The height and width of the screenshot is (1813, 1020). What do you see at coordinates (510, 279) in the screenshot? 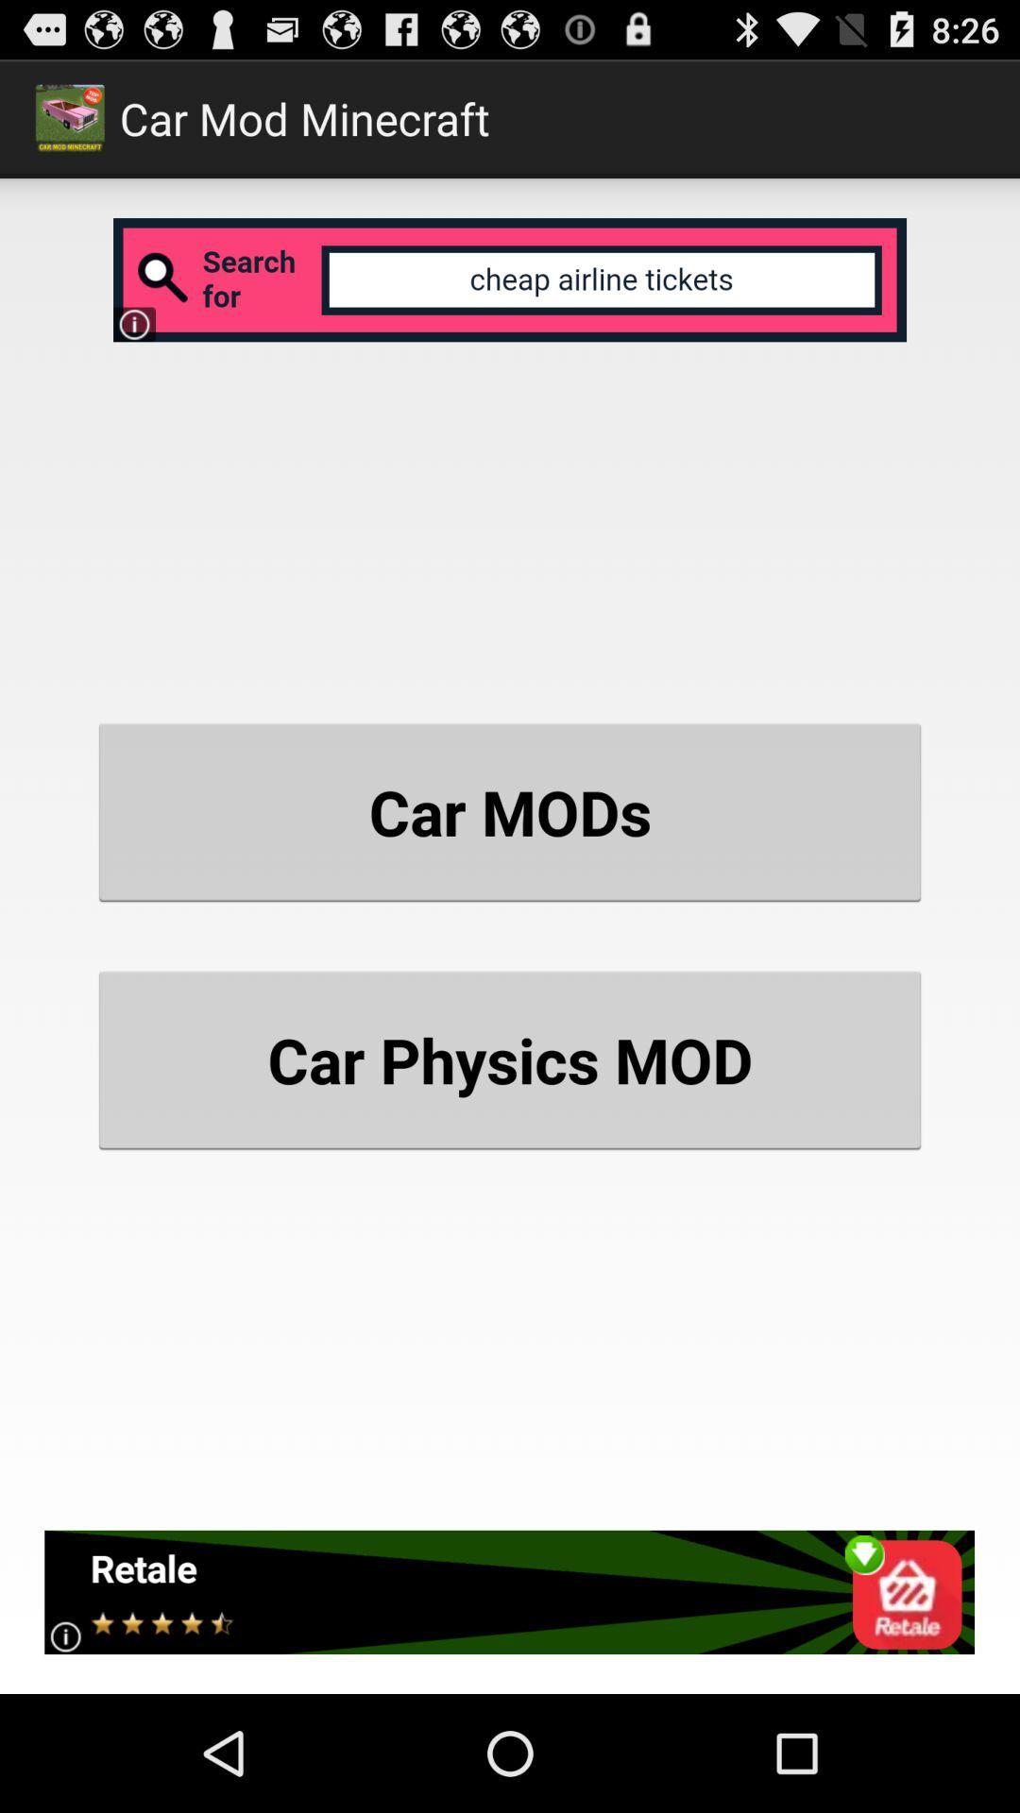
I see `the item at the top` at bounding box center [510, 279].